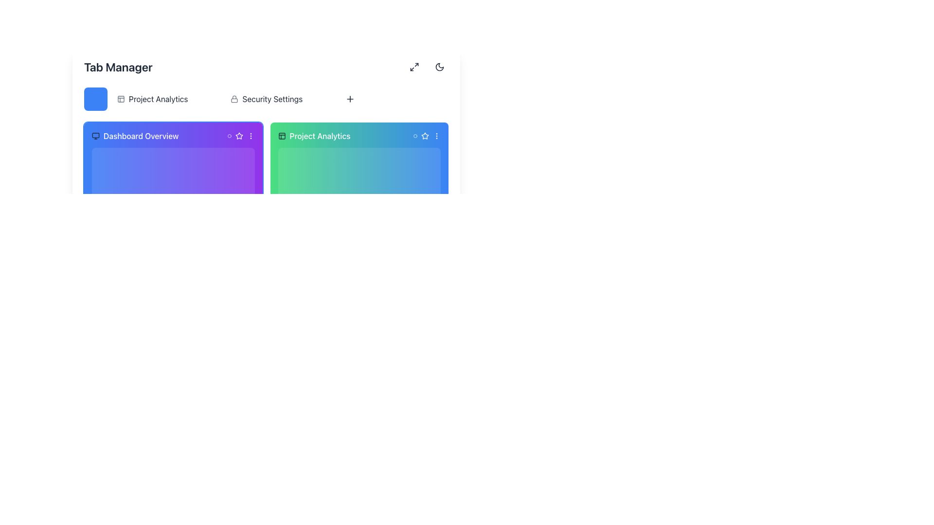 The height and width of the screenshot is (525, 934). What do you see at coordinates (425, 136) in the screenshot?
I see `the second star-shaped icon with a white stroke and blue background located in the top-right corner of the 'Project Analytics' card` at bounding box center [425, 136].